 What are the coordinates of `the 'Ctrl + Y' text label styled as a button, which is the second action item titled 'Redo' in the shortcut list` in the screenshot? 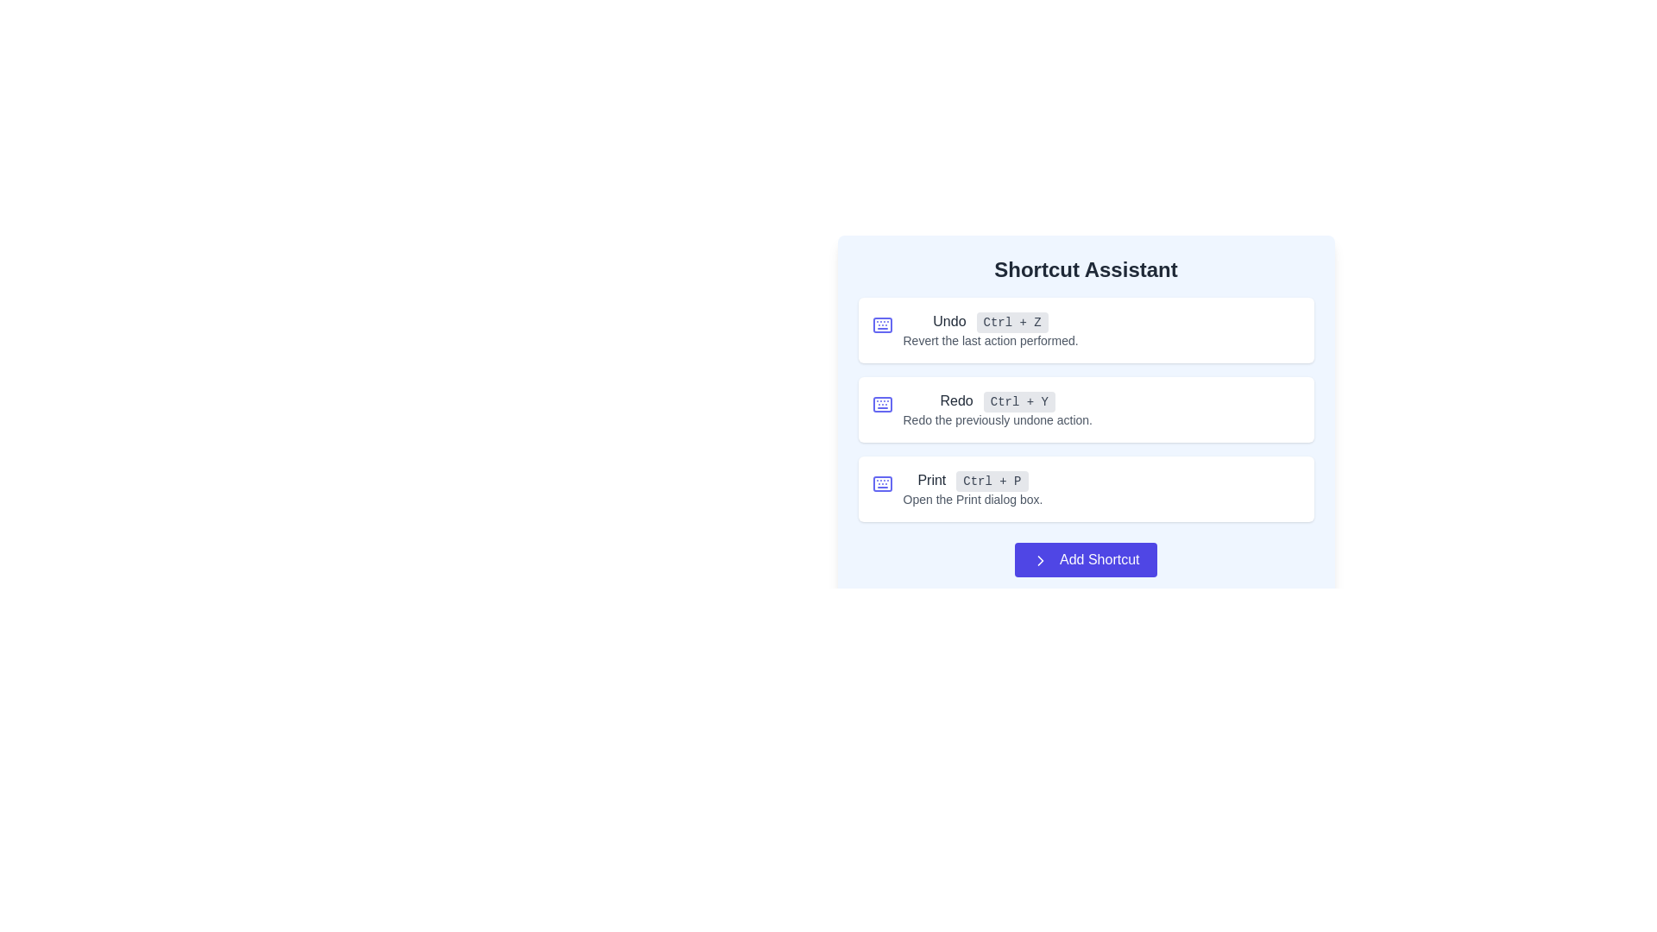 It's located at (1019, 402).